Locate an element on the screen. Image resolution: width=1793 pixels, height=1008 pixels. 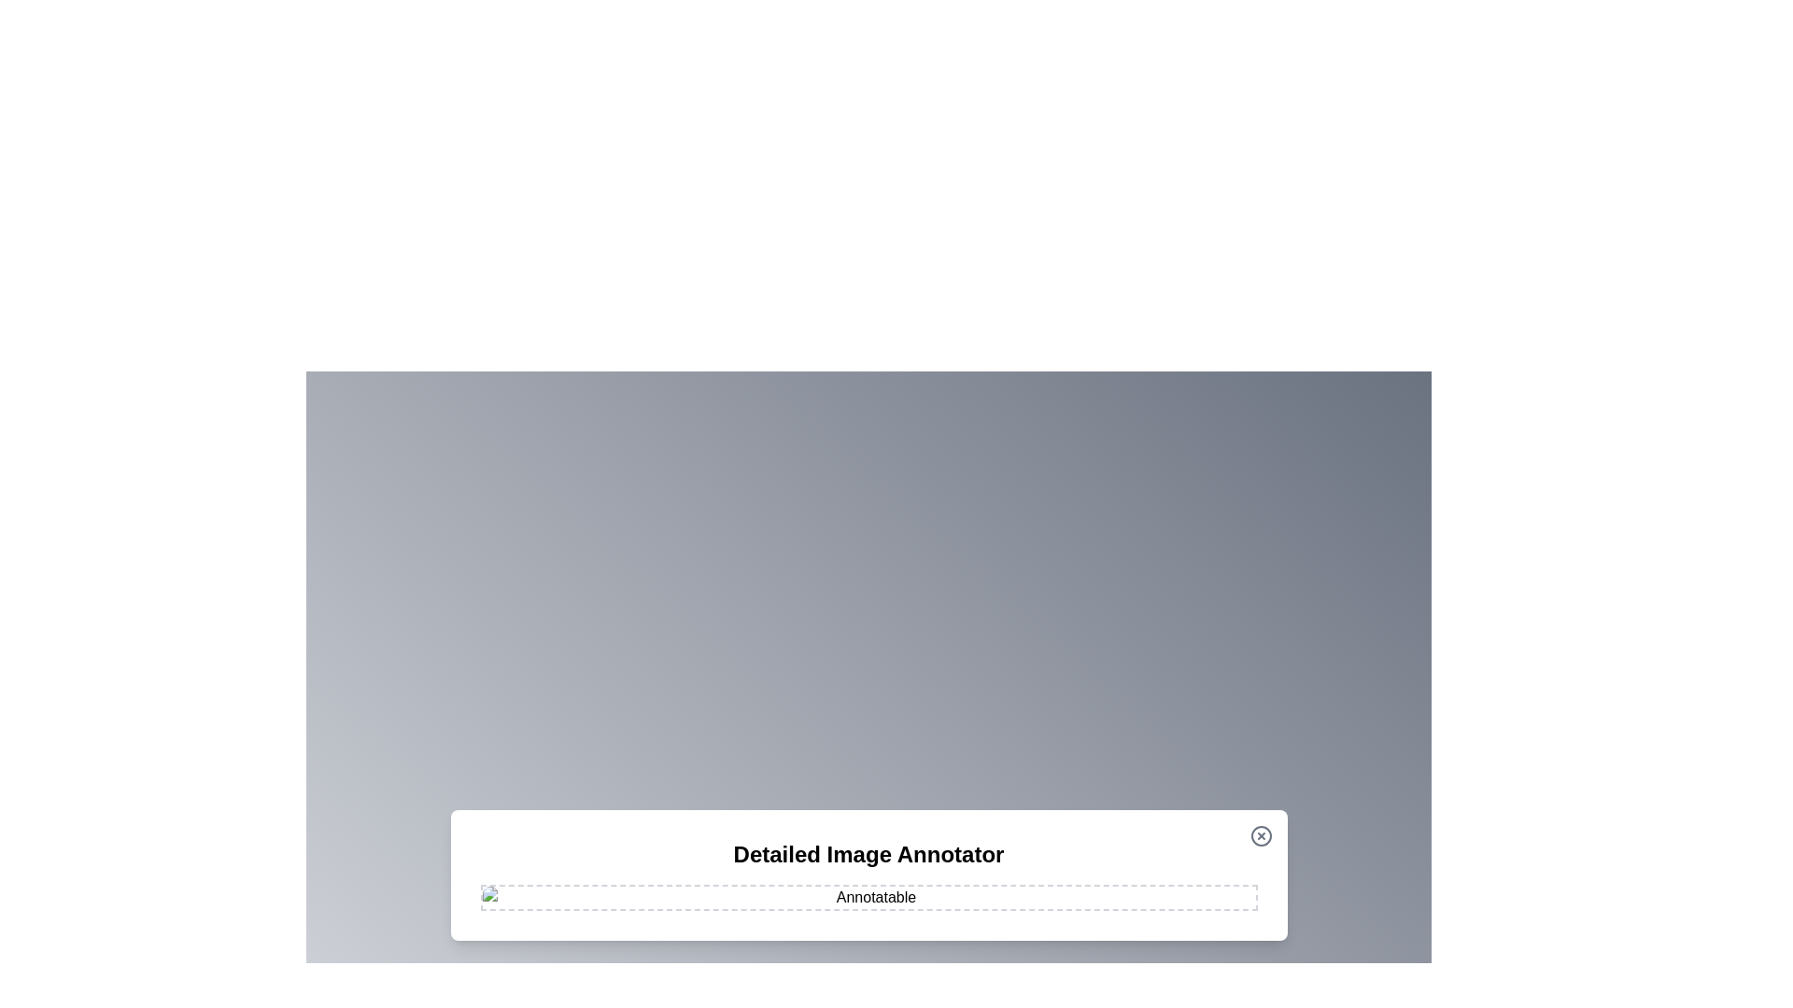
the image at coordinates (1001, 973) to add an annotation is located at coordinates (935, 906).